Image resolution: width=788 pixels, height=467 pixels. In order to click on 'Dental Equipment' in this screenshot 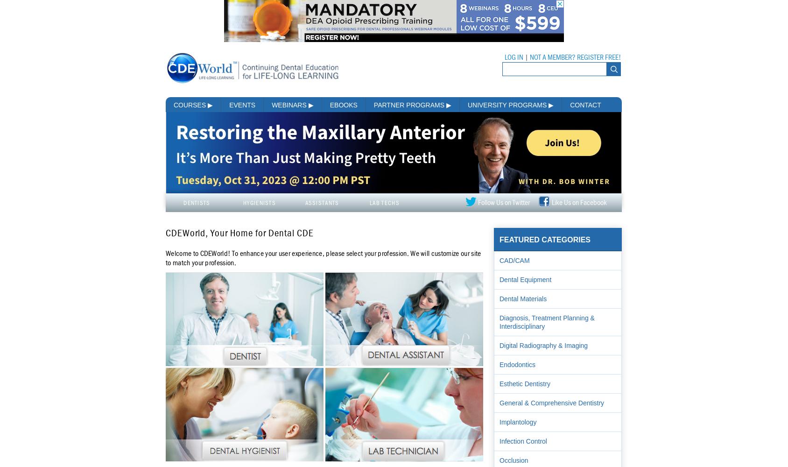, I will do `click(499, 279)`.